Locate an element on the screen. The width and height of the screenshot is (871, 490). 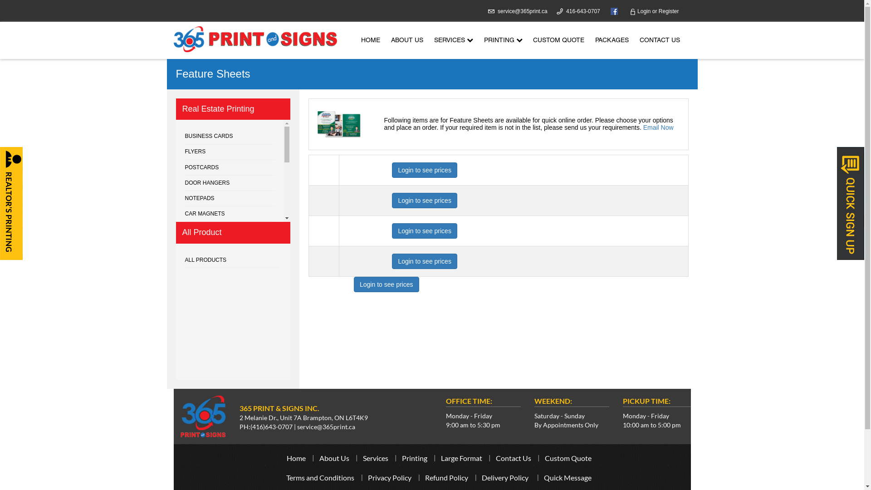
'Quick Message' is located at coordinates (567, 477).